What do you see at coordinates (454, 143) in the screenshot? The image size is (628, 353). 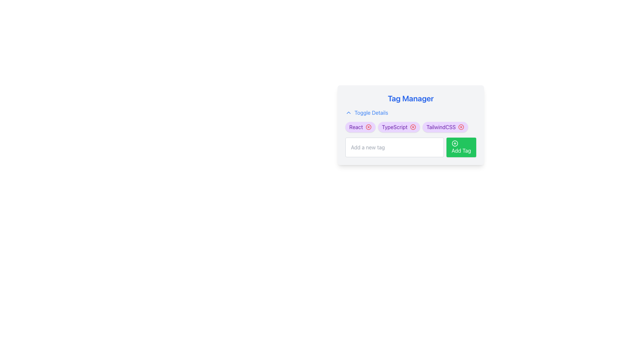 I see `the decorative icon of the 'Add Tag' button` at bounding box center [454, 143].